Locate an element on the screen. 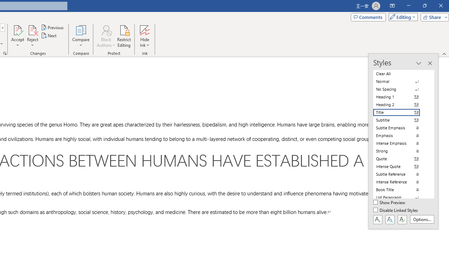 This screenshot has width=449, height=253. 'Block Authors' is located at coordinates (106, 30).